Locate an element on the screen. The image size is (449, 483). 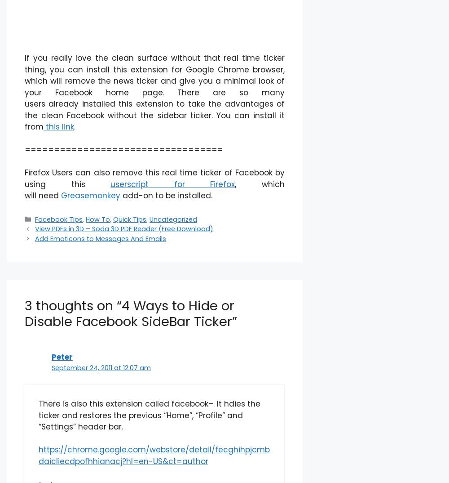
'How To' is located at coordinates (97, 219).